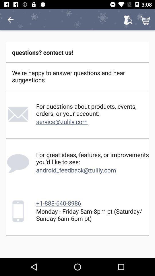  What do you see at coordinates (10, 20) in the screenshot?
I see `item at the top left corner` at bounding box center [10, 20].